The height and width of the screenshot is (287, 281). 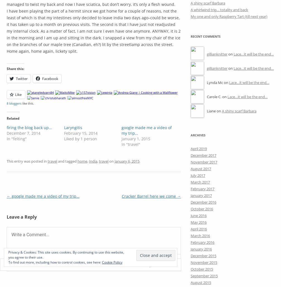 I want to click on 'Archives', so click(x=198, y=135).